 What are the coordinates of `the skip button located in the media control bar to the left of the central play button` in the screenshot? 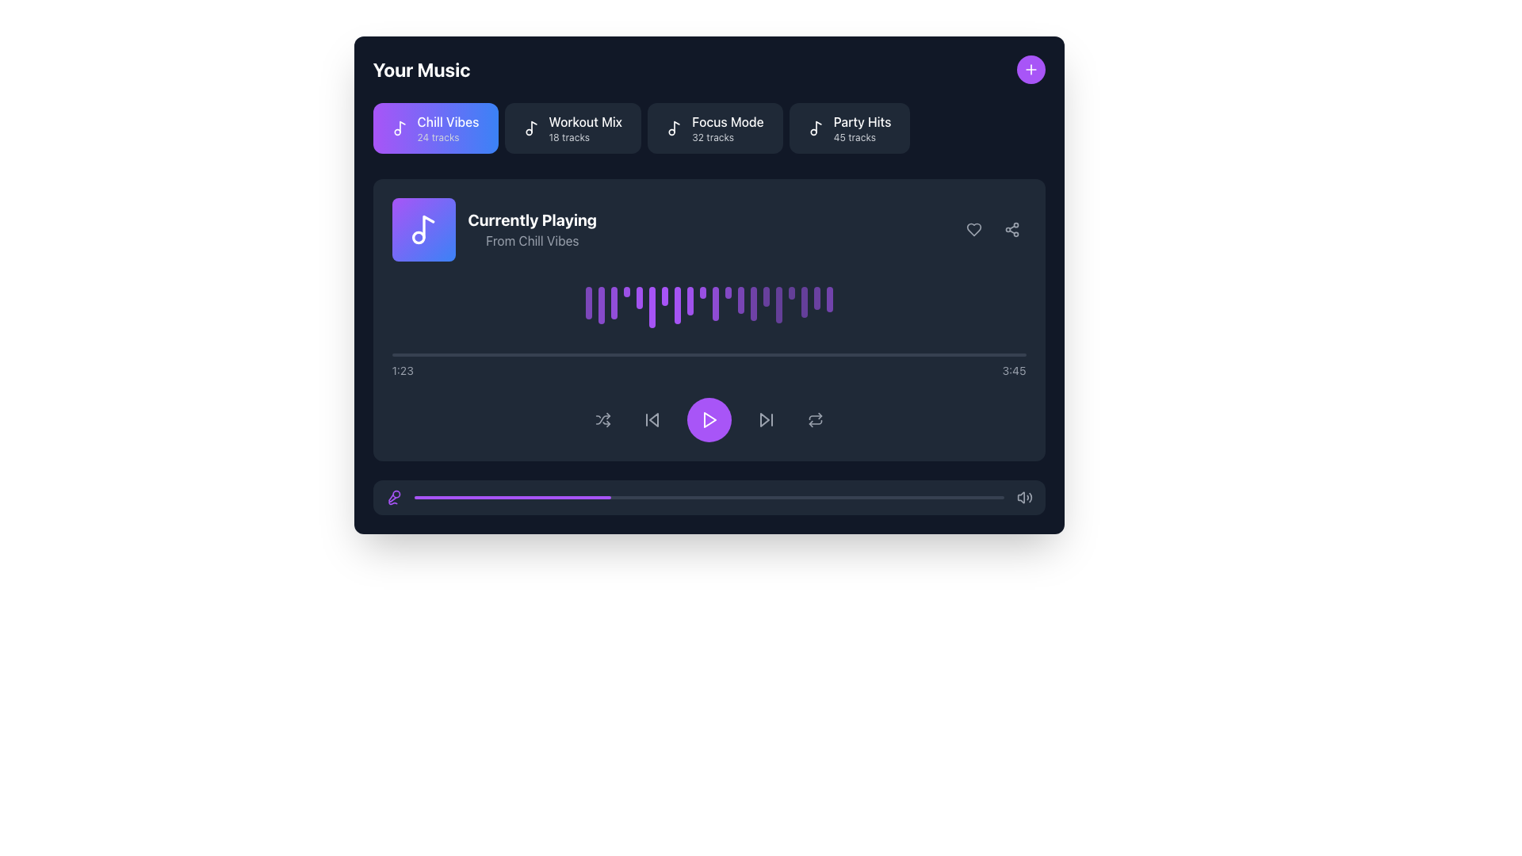 It's located at (653, 419).